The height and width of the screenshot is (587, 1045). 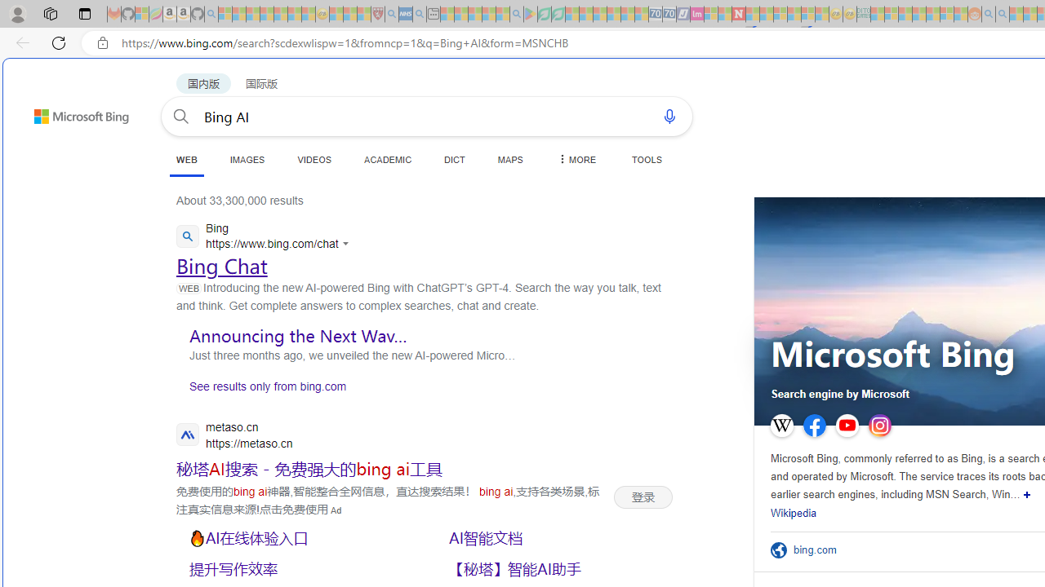 I want to click on 'MSNBC - MSN - Sleeping', so click(x=877, y=14).